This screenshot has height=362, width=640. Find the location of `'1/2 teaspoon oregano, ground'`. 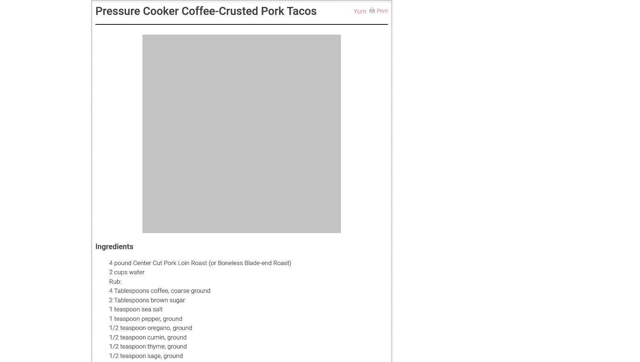

'1/2 teaspoon oregano, ground' is located at coordinates (109, 327).